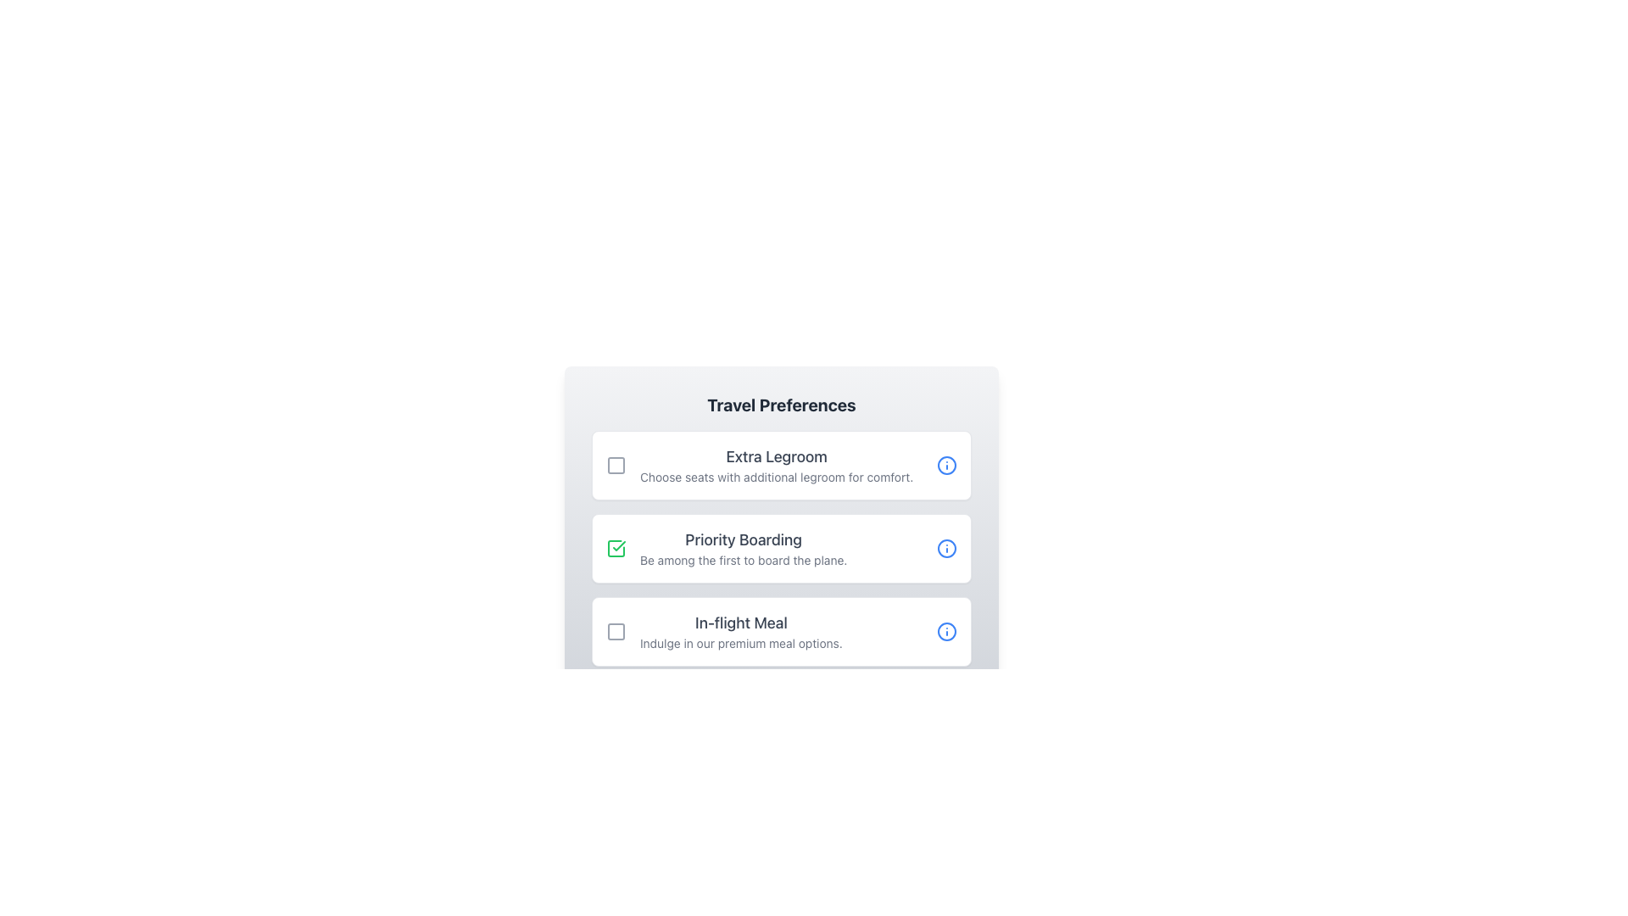 This screenshot has width=1628, height=916. Describe the element at coordinates (741, 623) in the screenshot. I see `the 'In-flight Meal' text label, which is styled with a large medium-weight gray font on a white background, located between 'Priority Boarding' and 'Indulge in our premium meal options.'` at that location.